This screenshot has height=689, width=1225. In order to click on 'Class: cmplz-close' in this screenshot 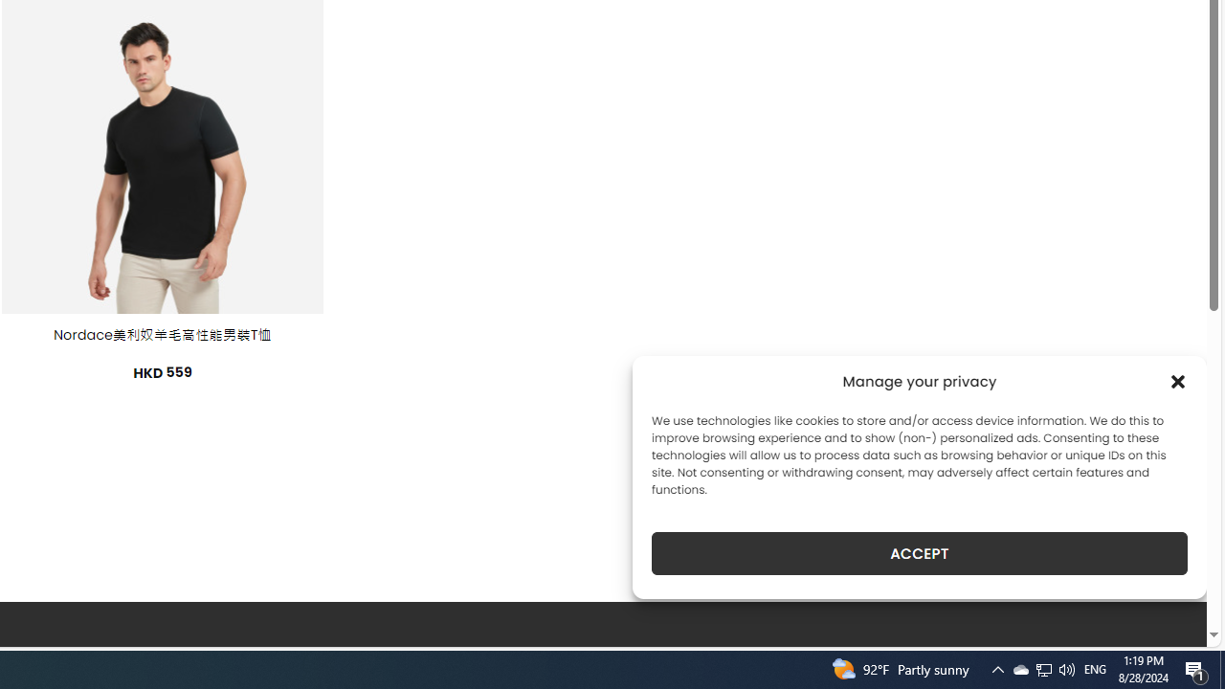, I will do `click(1177, 381)`.